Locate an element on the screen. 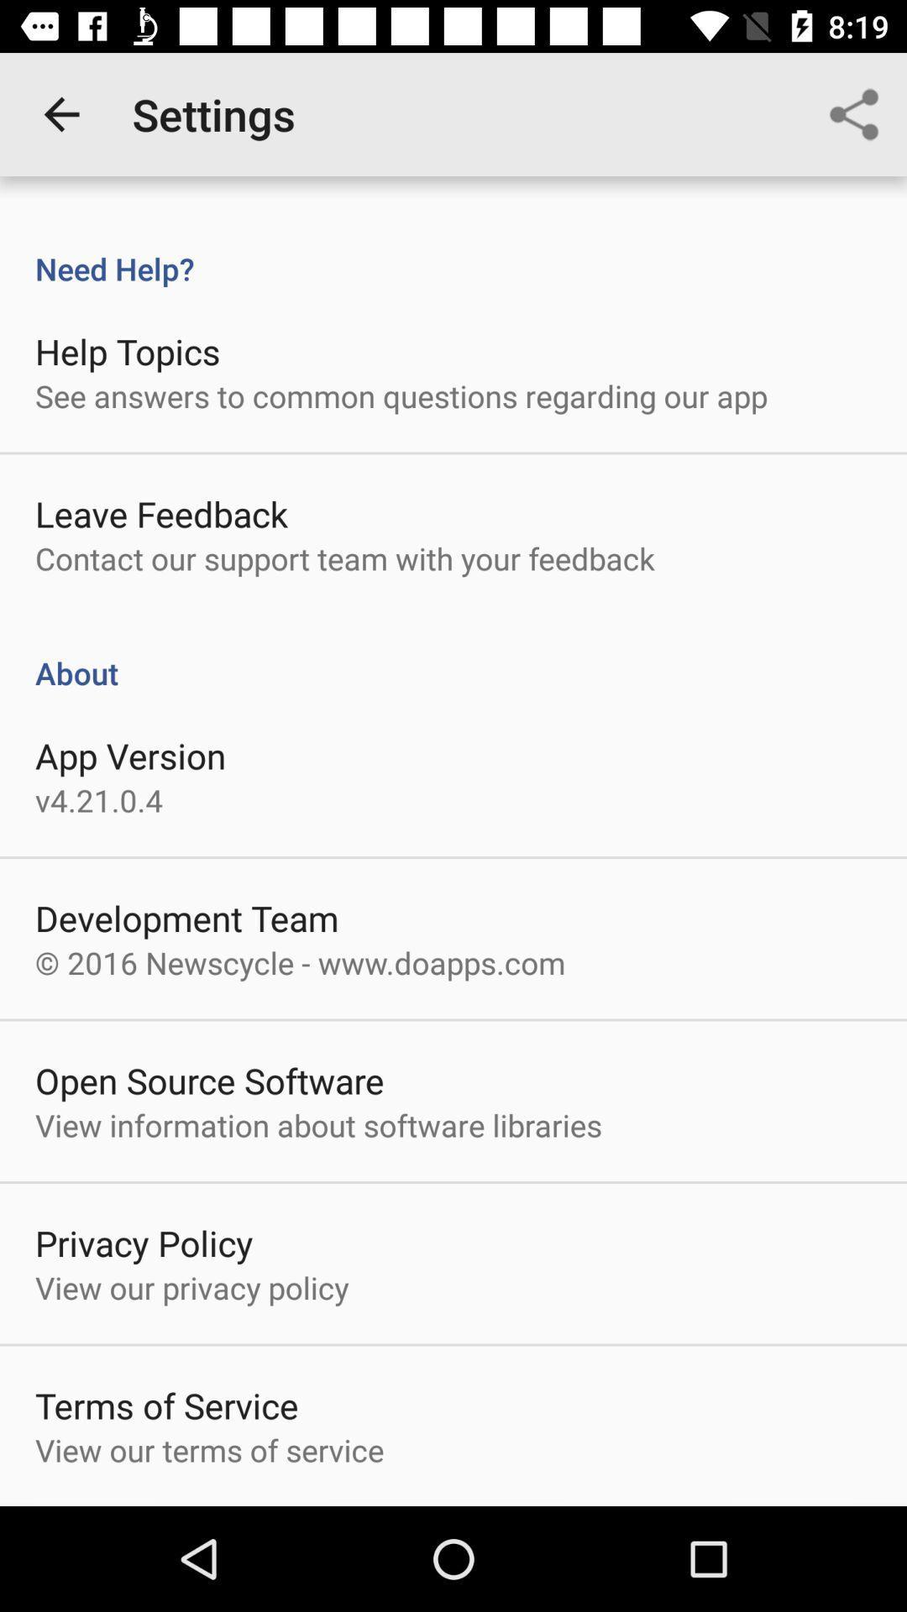  icon below leave feedback icon is located at coordinates (344, 558).